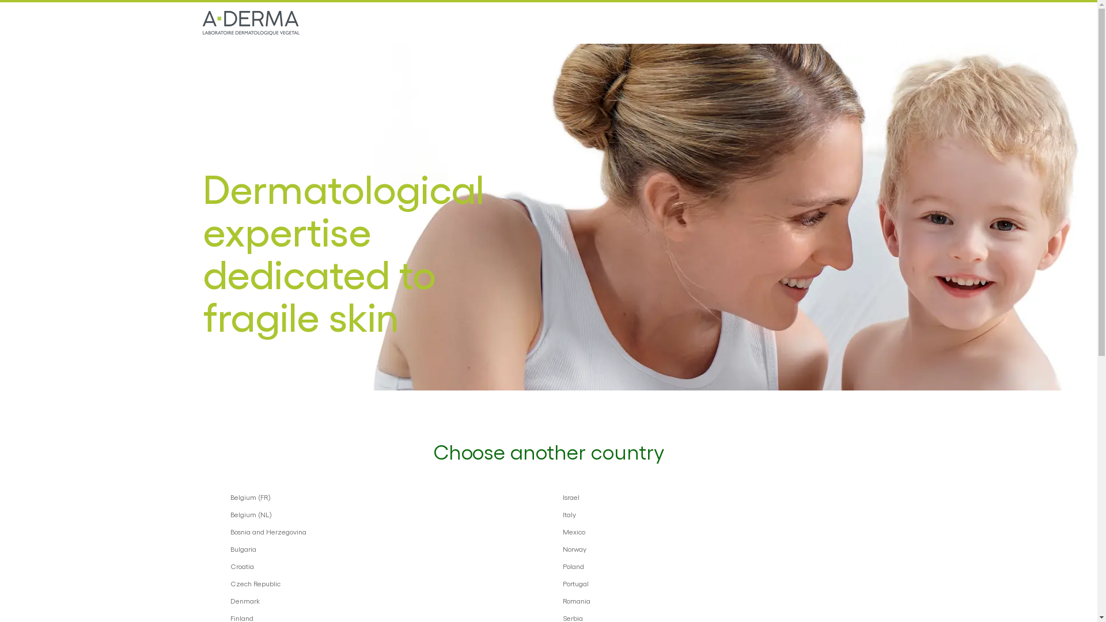  What do you see at coordinates (562, 566) in the screenshot?
I see `'Poland'` at bounding box center [562, 566].